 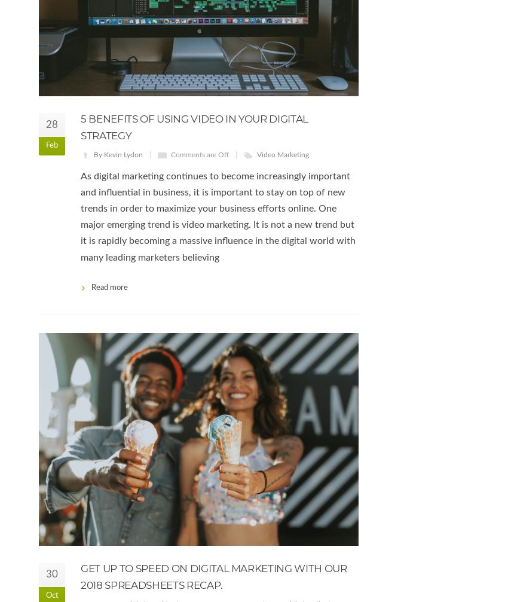 I want to click on 'Get up to speed on Digital Marketing with our 2018 spreadsheets recap.', so click(x=213, y=576).